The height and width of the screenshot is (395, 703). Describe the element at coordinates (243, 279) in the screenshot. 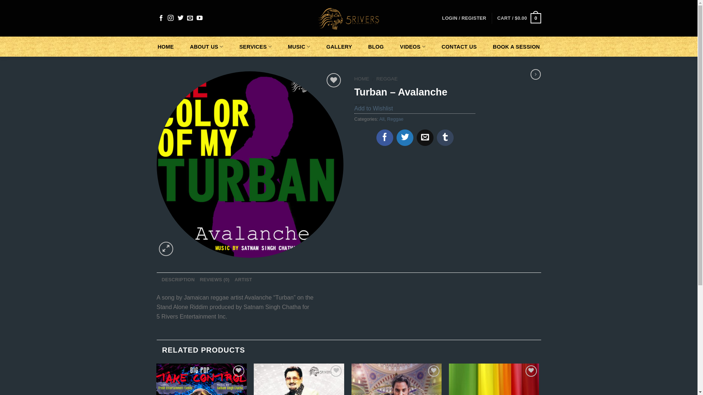

I see `'ARTIST'` at that location.